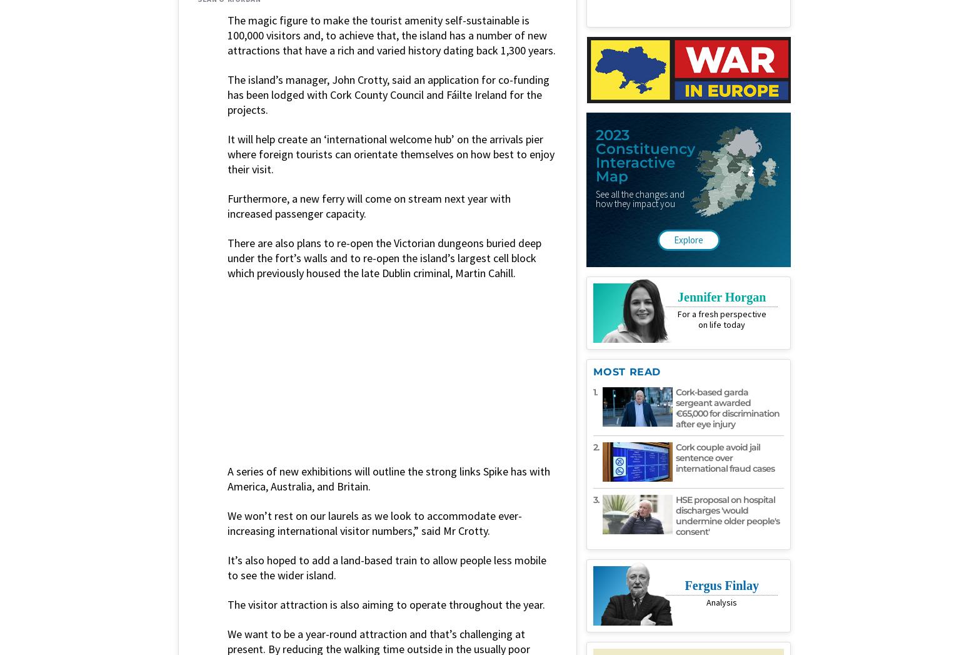  I want to click on 'here', so click(269, 392).